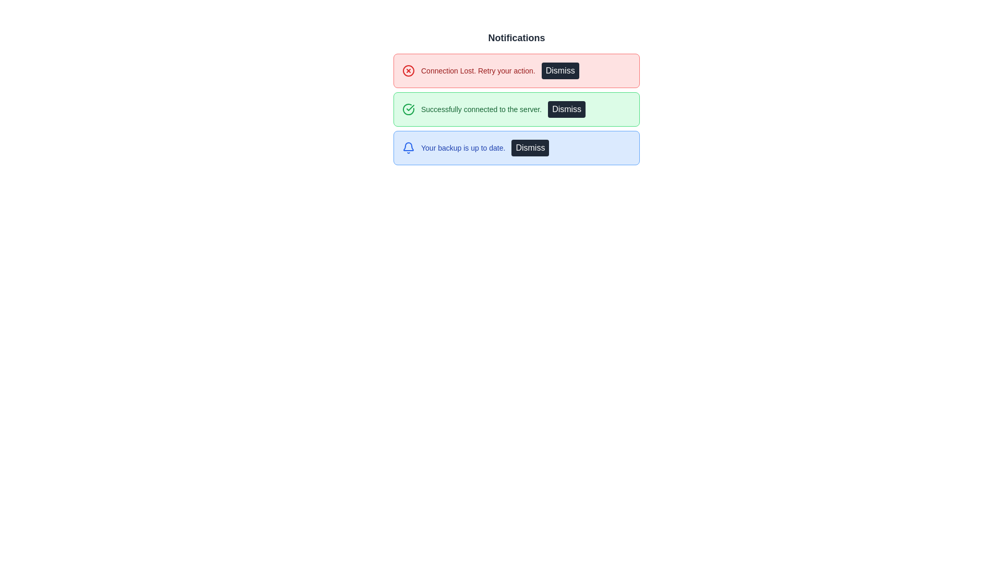 Image resolution: width=1002 pixels, height=563 pixels. I want to click on the informational text indicating that the backup is currently updated, which is located inside the notification box styled with a blue border and light blue background, positioned to the left of the 'Dismiss' button and to the right of a blue bell icon, so click(462, 148).